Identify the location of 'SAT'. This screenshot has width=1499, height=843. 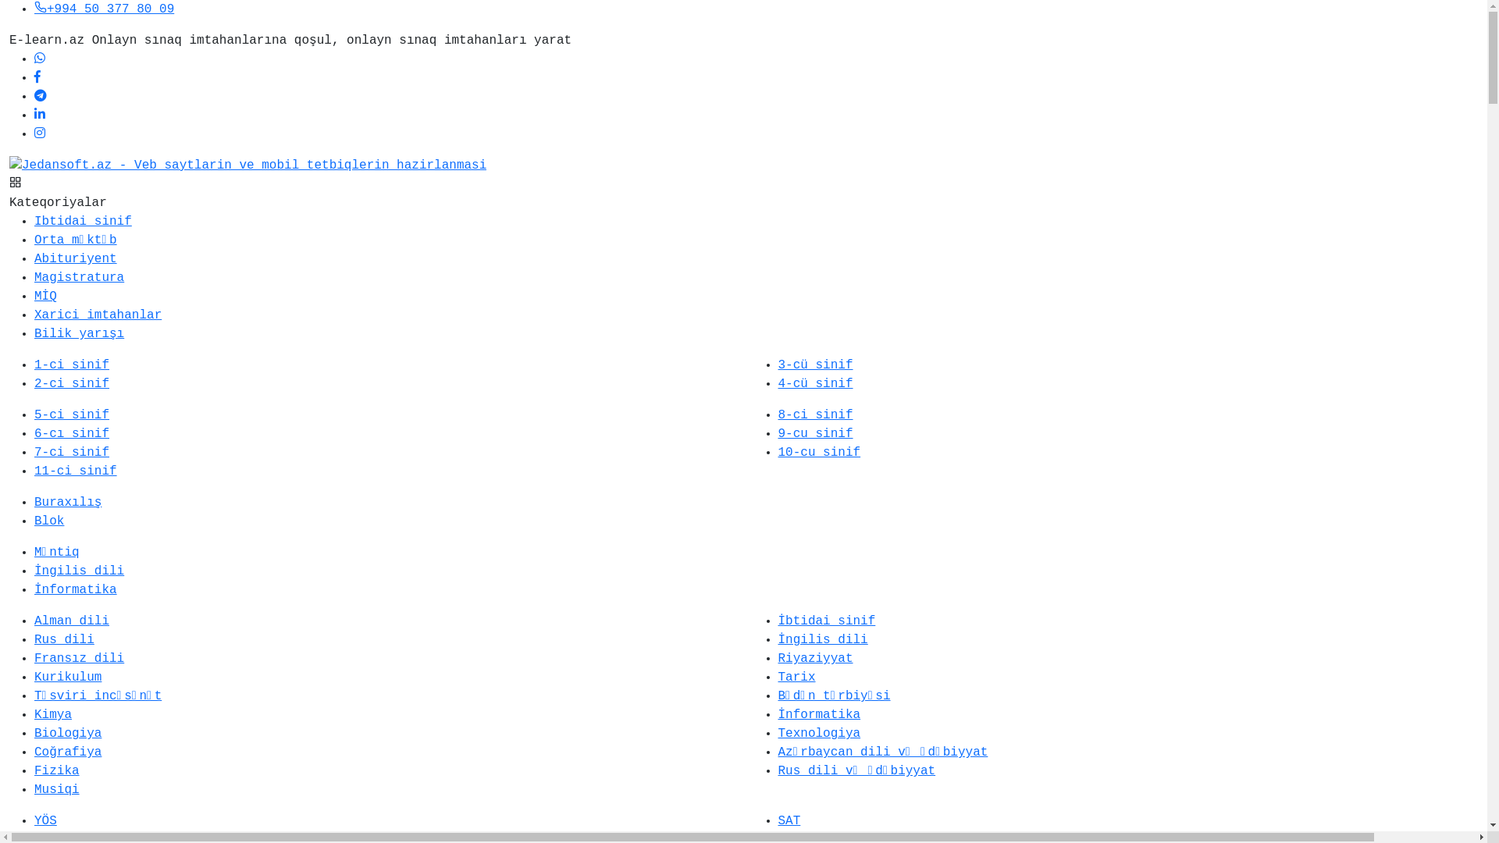
(789, 820).